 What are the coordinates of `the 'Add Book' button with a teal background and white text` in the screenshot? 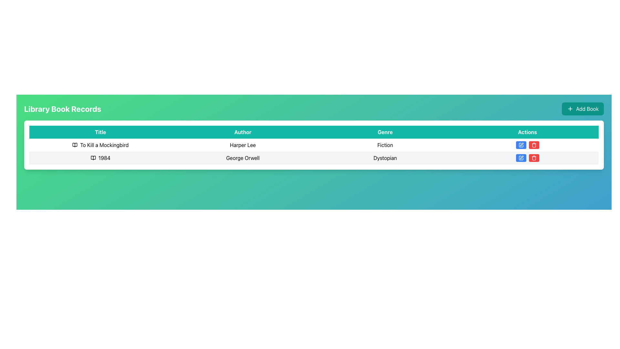 It's located at (583, 108).